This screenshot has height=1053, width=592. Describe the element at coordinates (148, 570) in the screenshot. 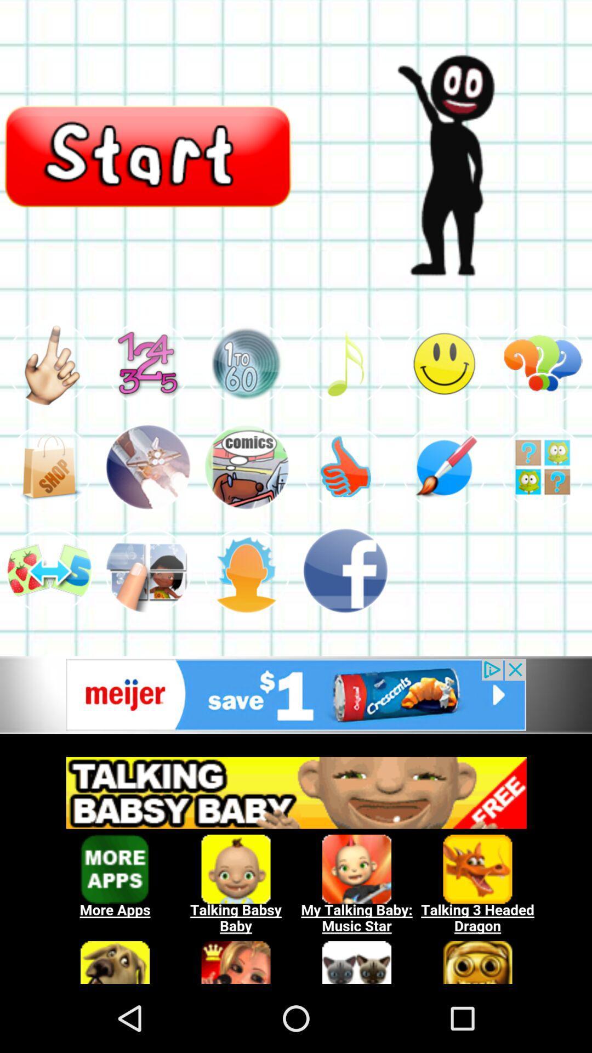

I see `group option` at that location.